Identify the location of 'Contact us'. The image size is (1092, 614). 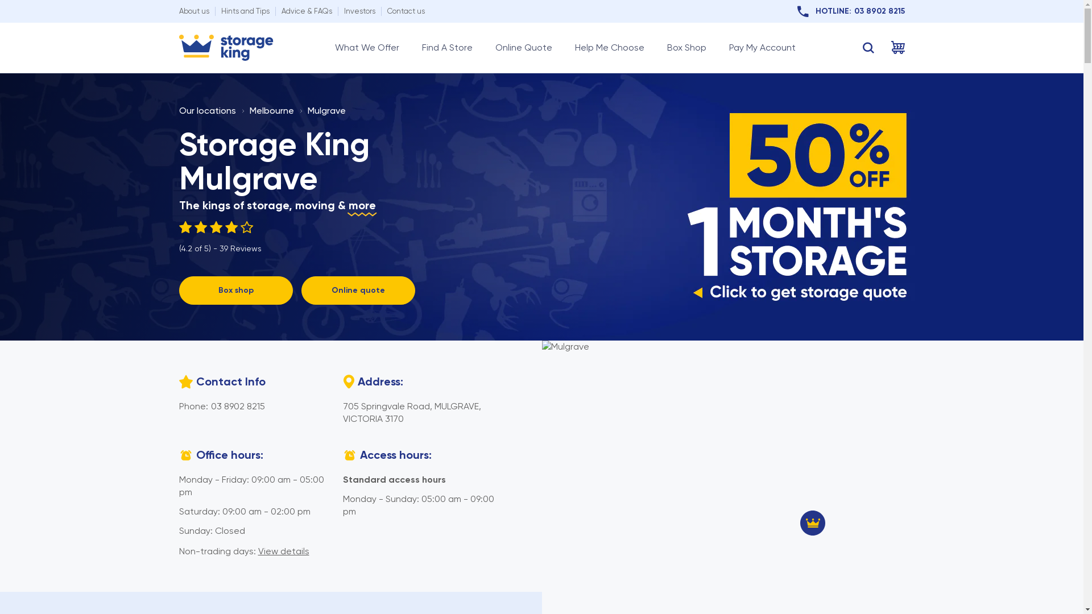
(387, 11).